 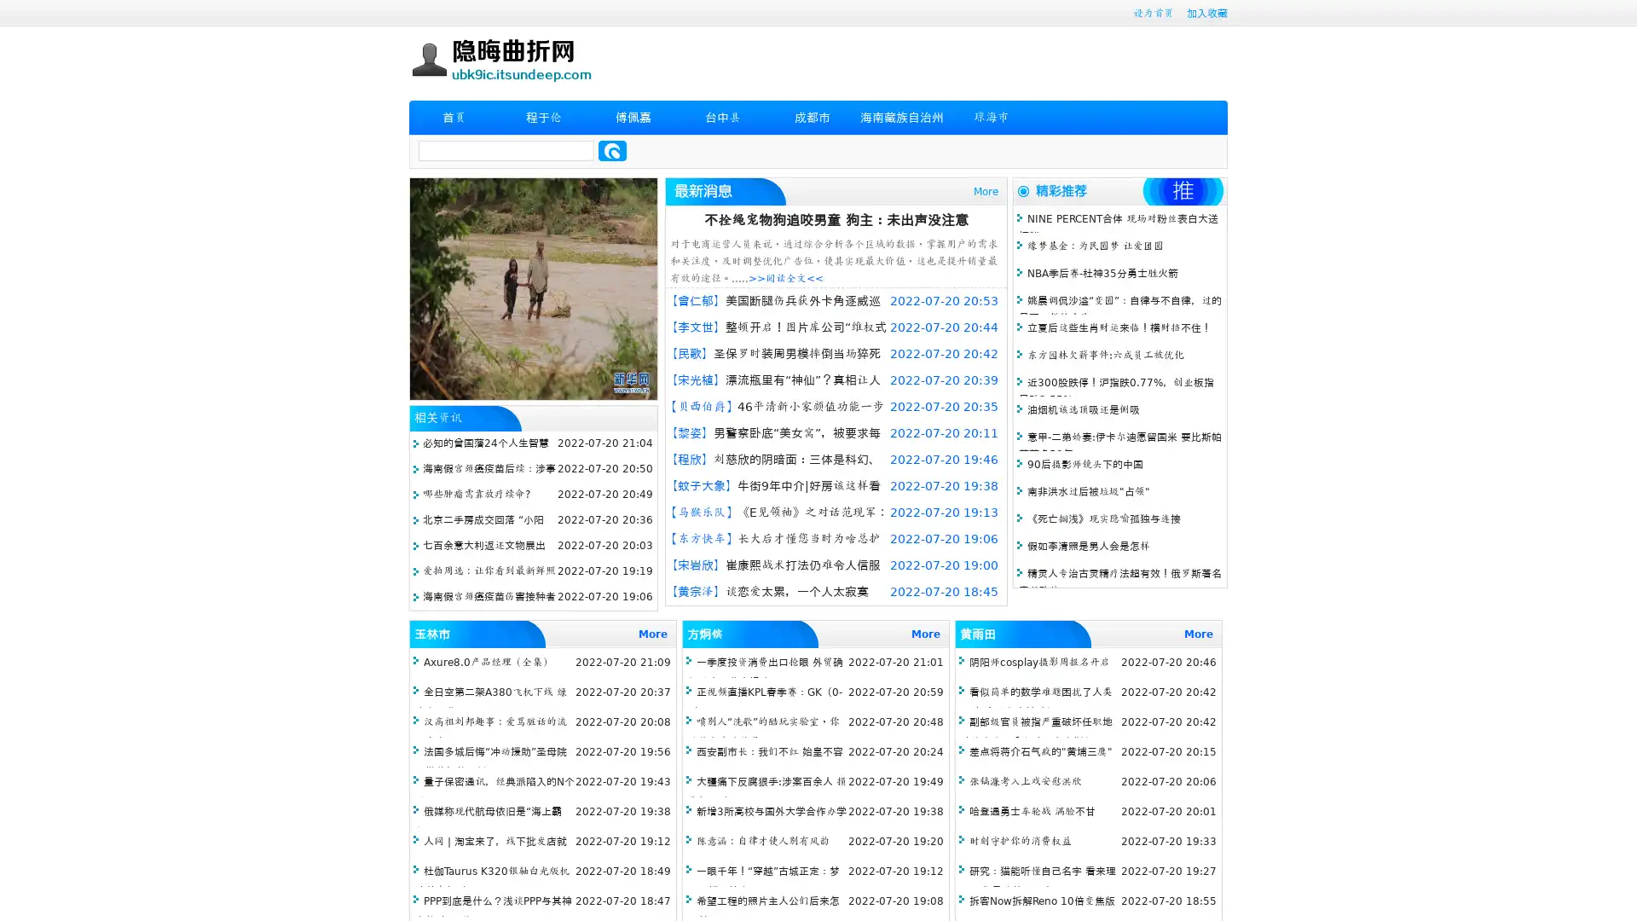 What do you see at coordinates (612, 150) in the screenshot?
I see `Search` at bounding box center [612, 150].